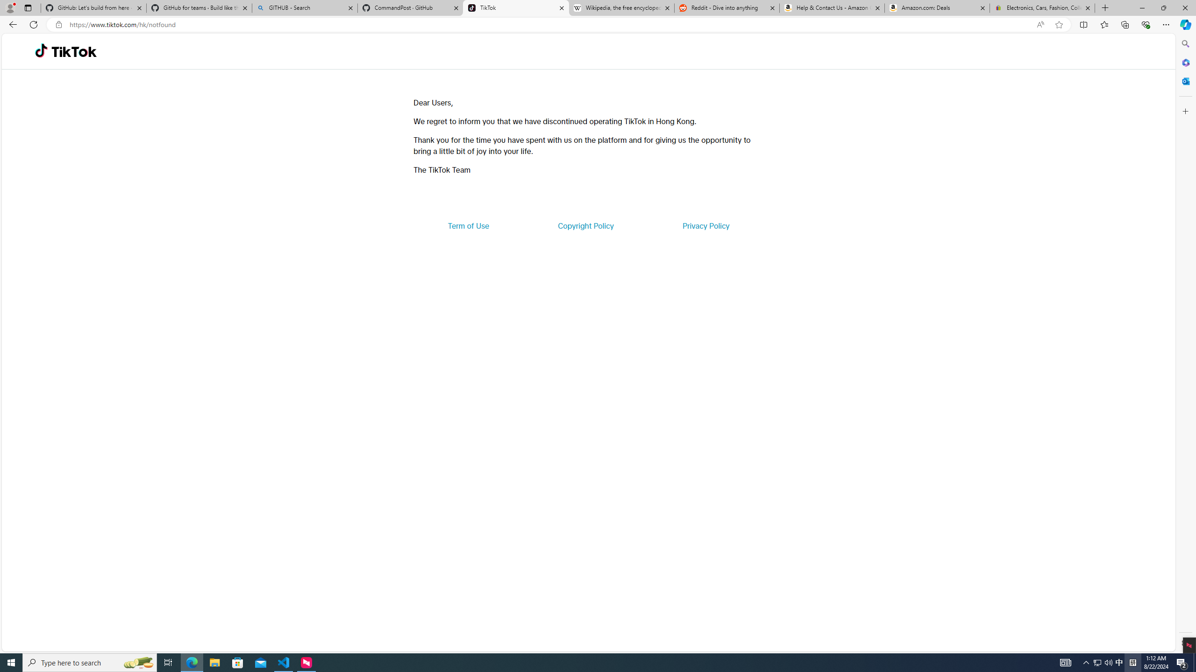  Describe the element at coordinates (468, 225) in the screenshot. I see `'Term of Use'` at that location.